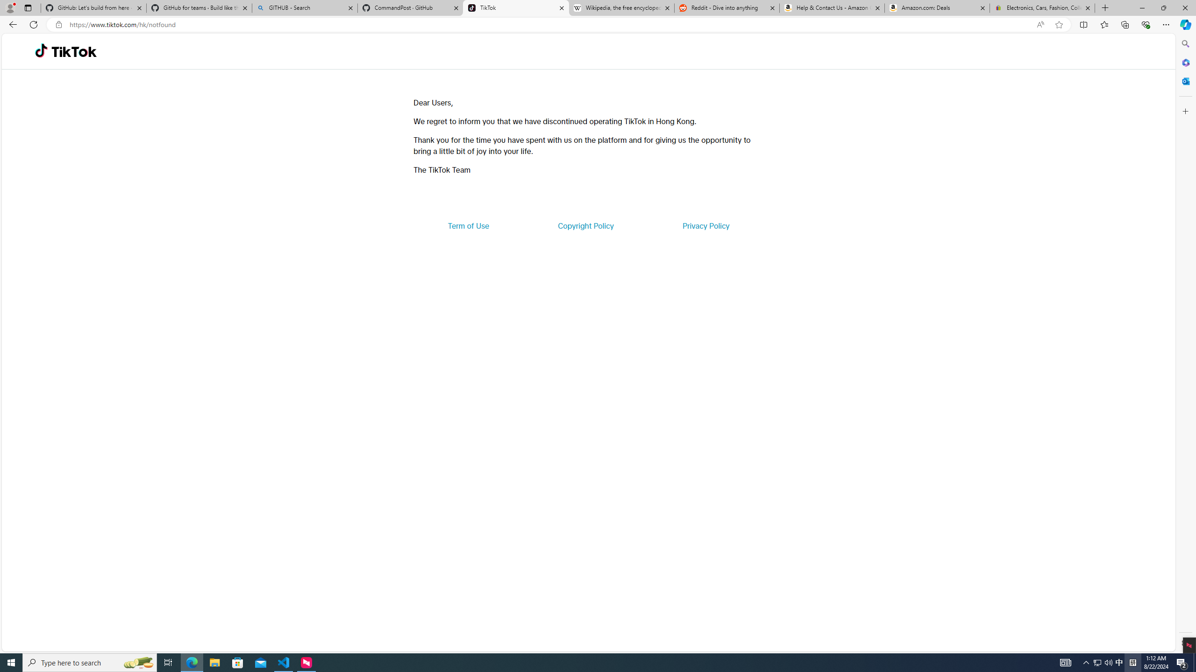  Describe the element at coordinates (468, 225) in the screenshot. I see `'Term of Use'` at that location.